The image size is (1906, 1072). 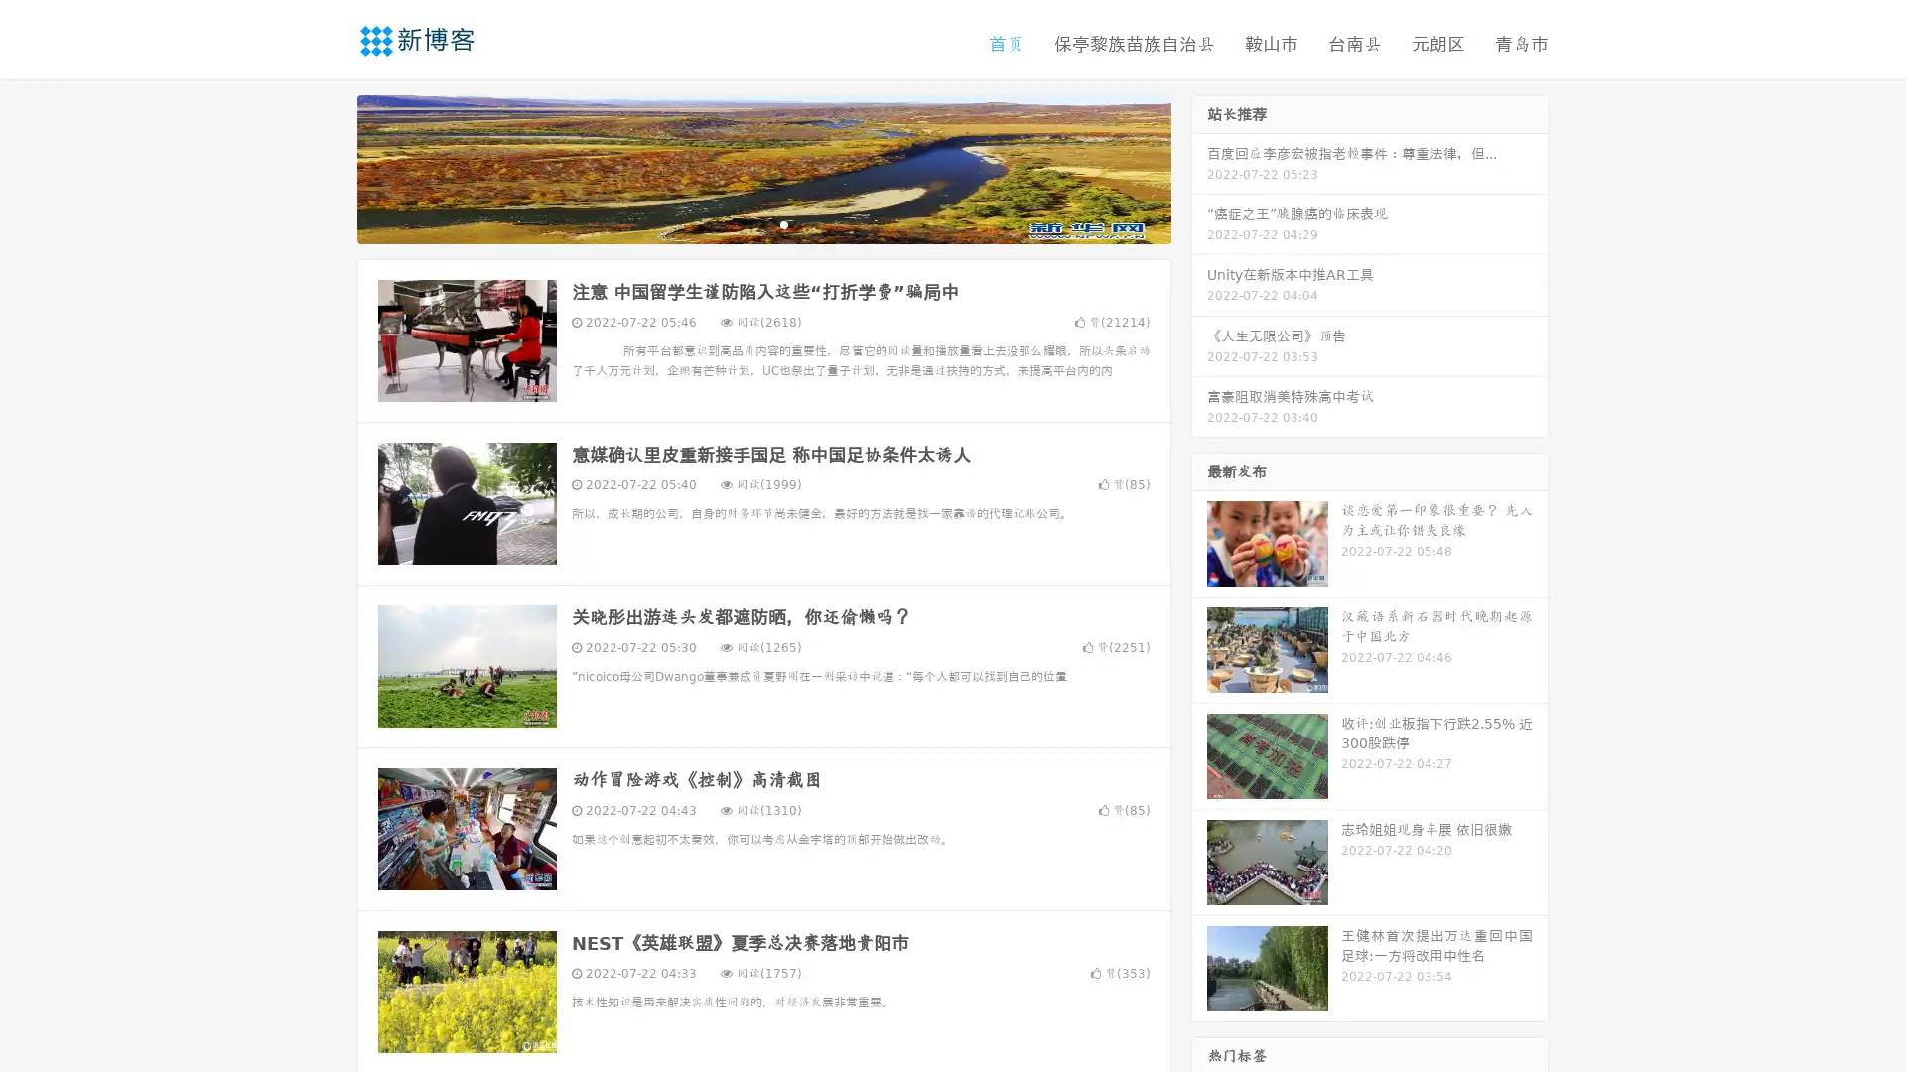 What do you see at coordinates (328, 167) in the screenshot?
I see `Previous slide` at bounding box center [328, 167].